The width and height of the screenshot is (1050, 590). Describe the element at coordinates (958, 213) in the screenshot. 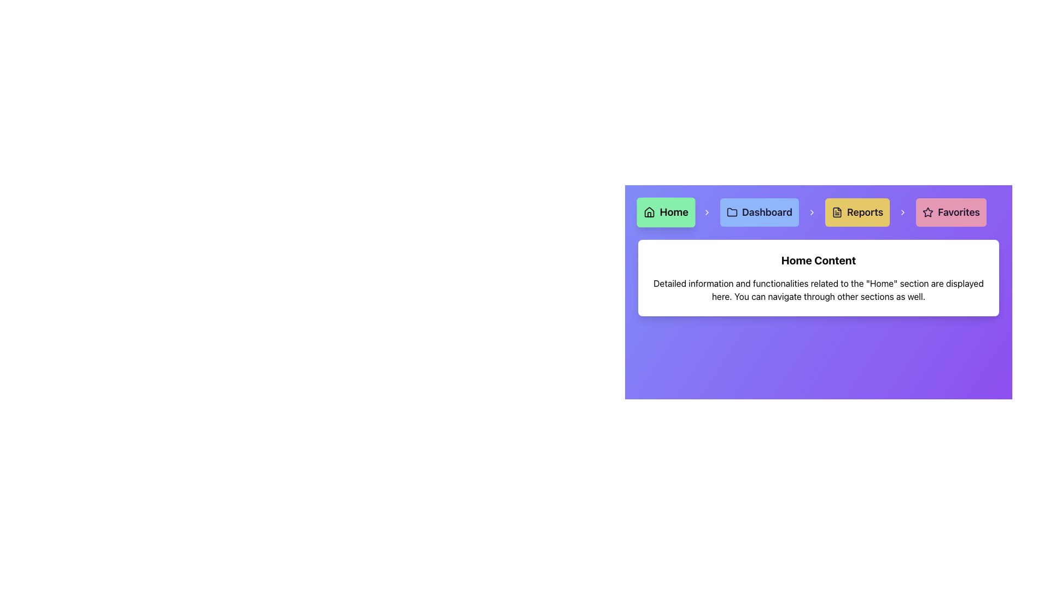

I see `the text label displaying 'Favorites', which is styled in bold and located next to a star icon within the fourth navigation button of a horizontal menu` at that location.